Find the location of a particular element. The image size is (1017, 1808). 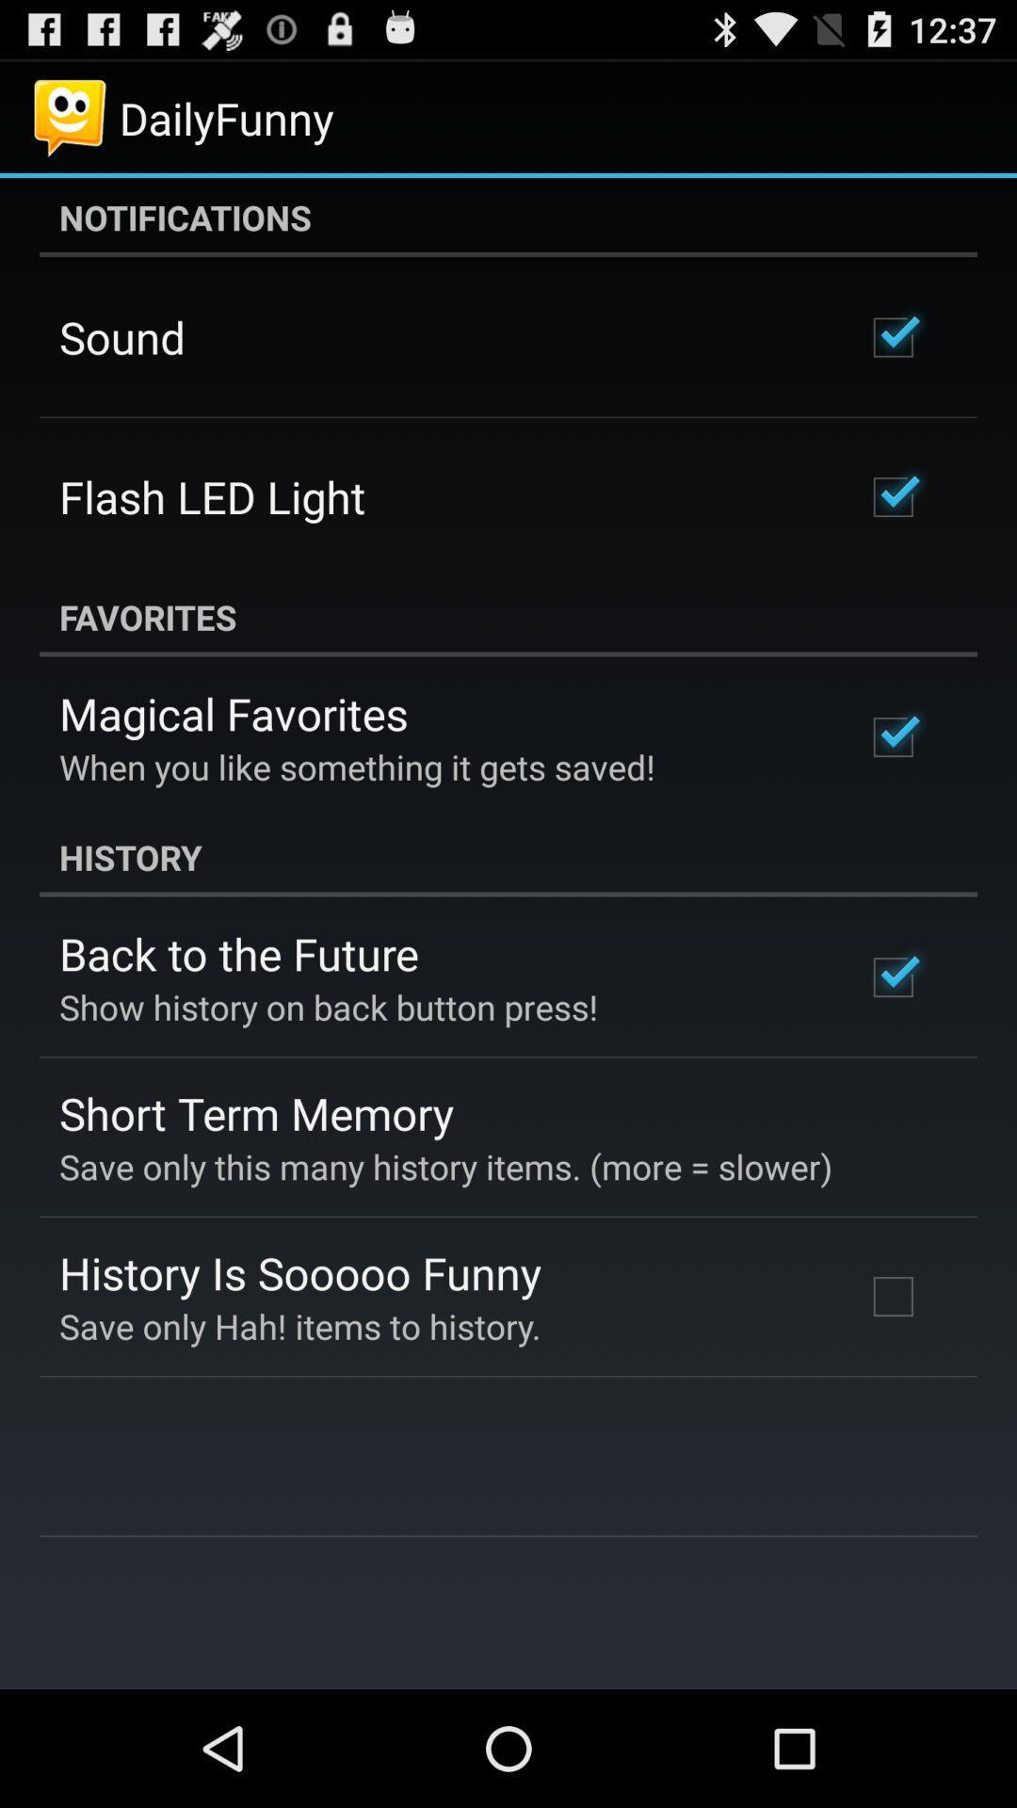

when you like icon is located at coordinates (357, 767).